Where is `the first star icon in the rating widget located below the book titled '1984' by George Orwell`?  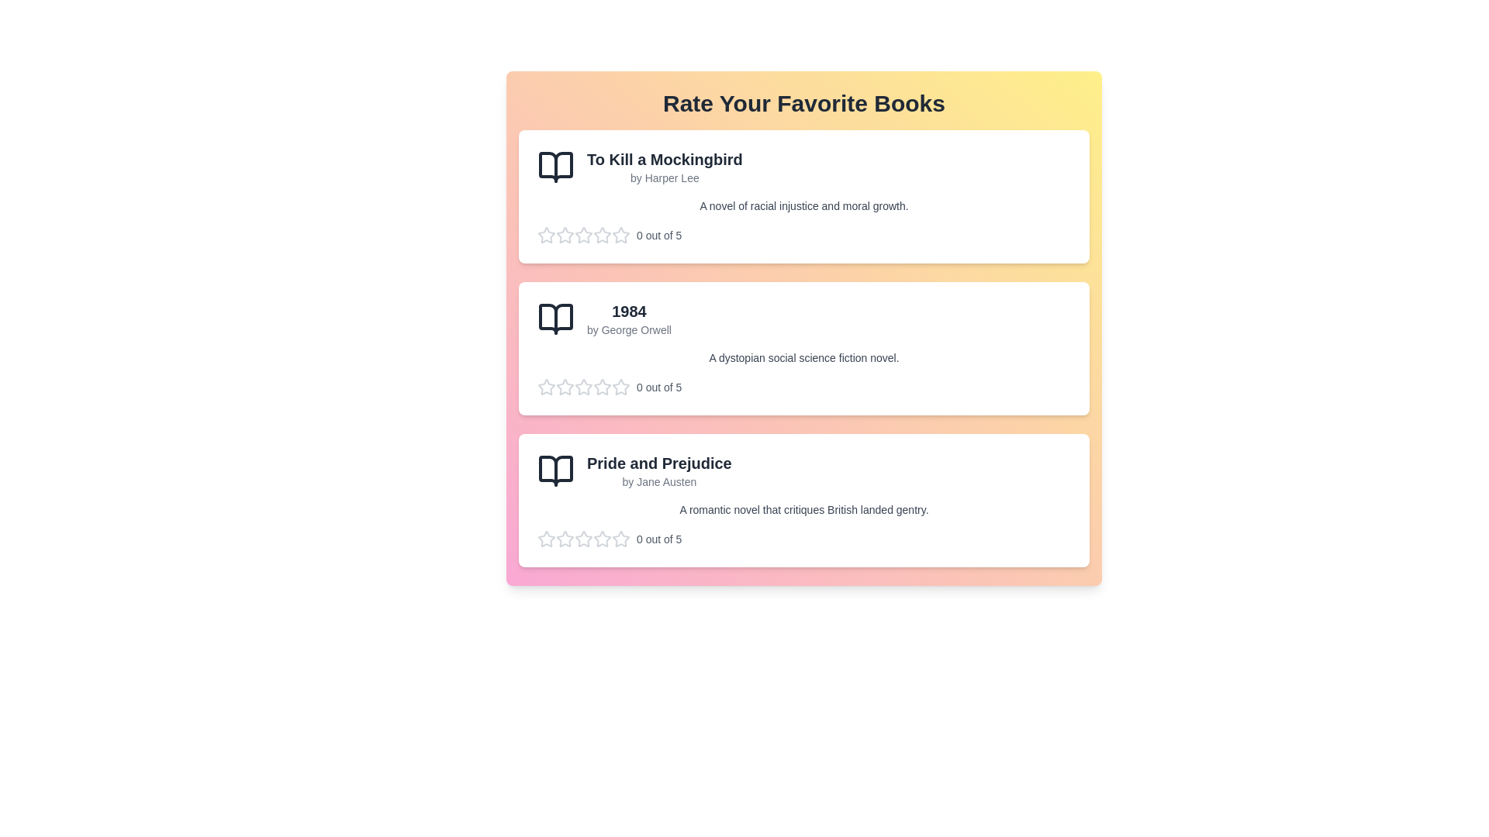
the first star icon in the rating widget located below the book titled '1984' by George Orwell is located at coordinates (547, 386).